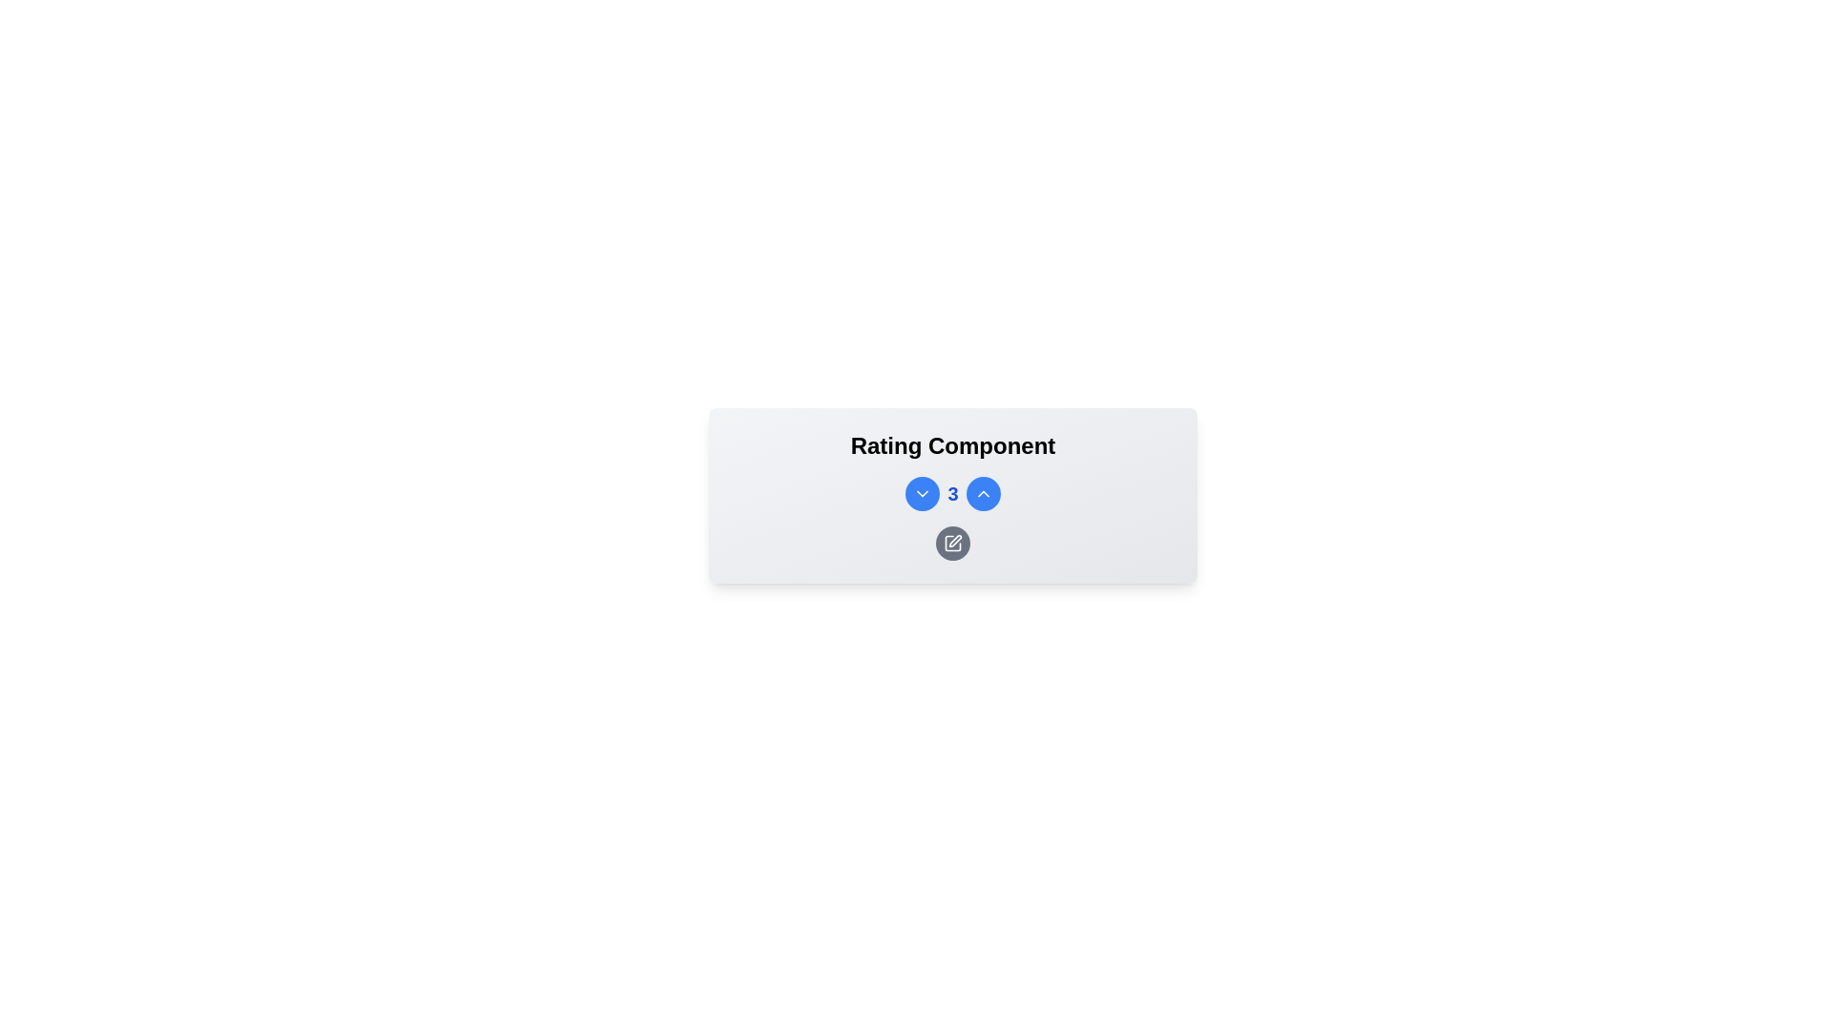 The height and width of the screenshot is (1030, 1832). What do you see at coordinates (952, 492) in the screenshot?
I see `the label that displays the current number in the numeric selector, located between the upward and downward blue circular buttons` at bounding box center [952, 492].